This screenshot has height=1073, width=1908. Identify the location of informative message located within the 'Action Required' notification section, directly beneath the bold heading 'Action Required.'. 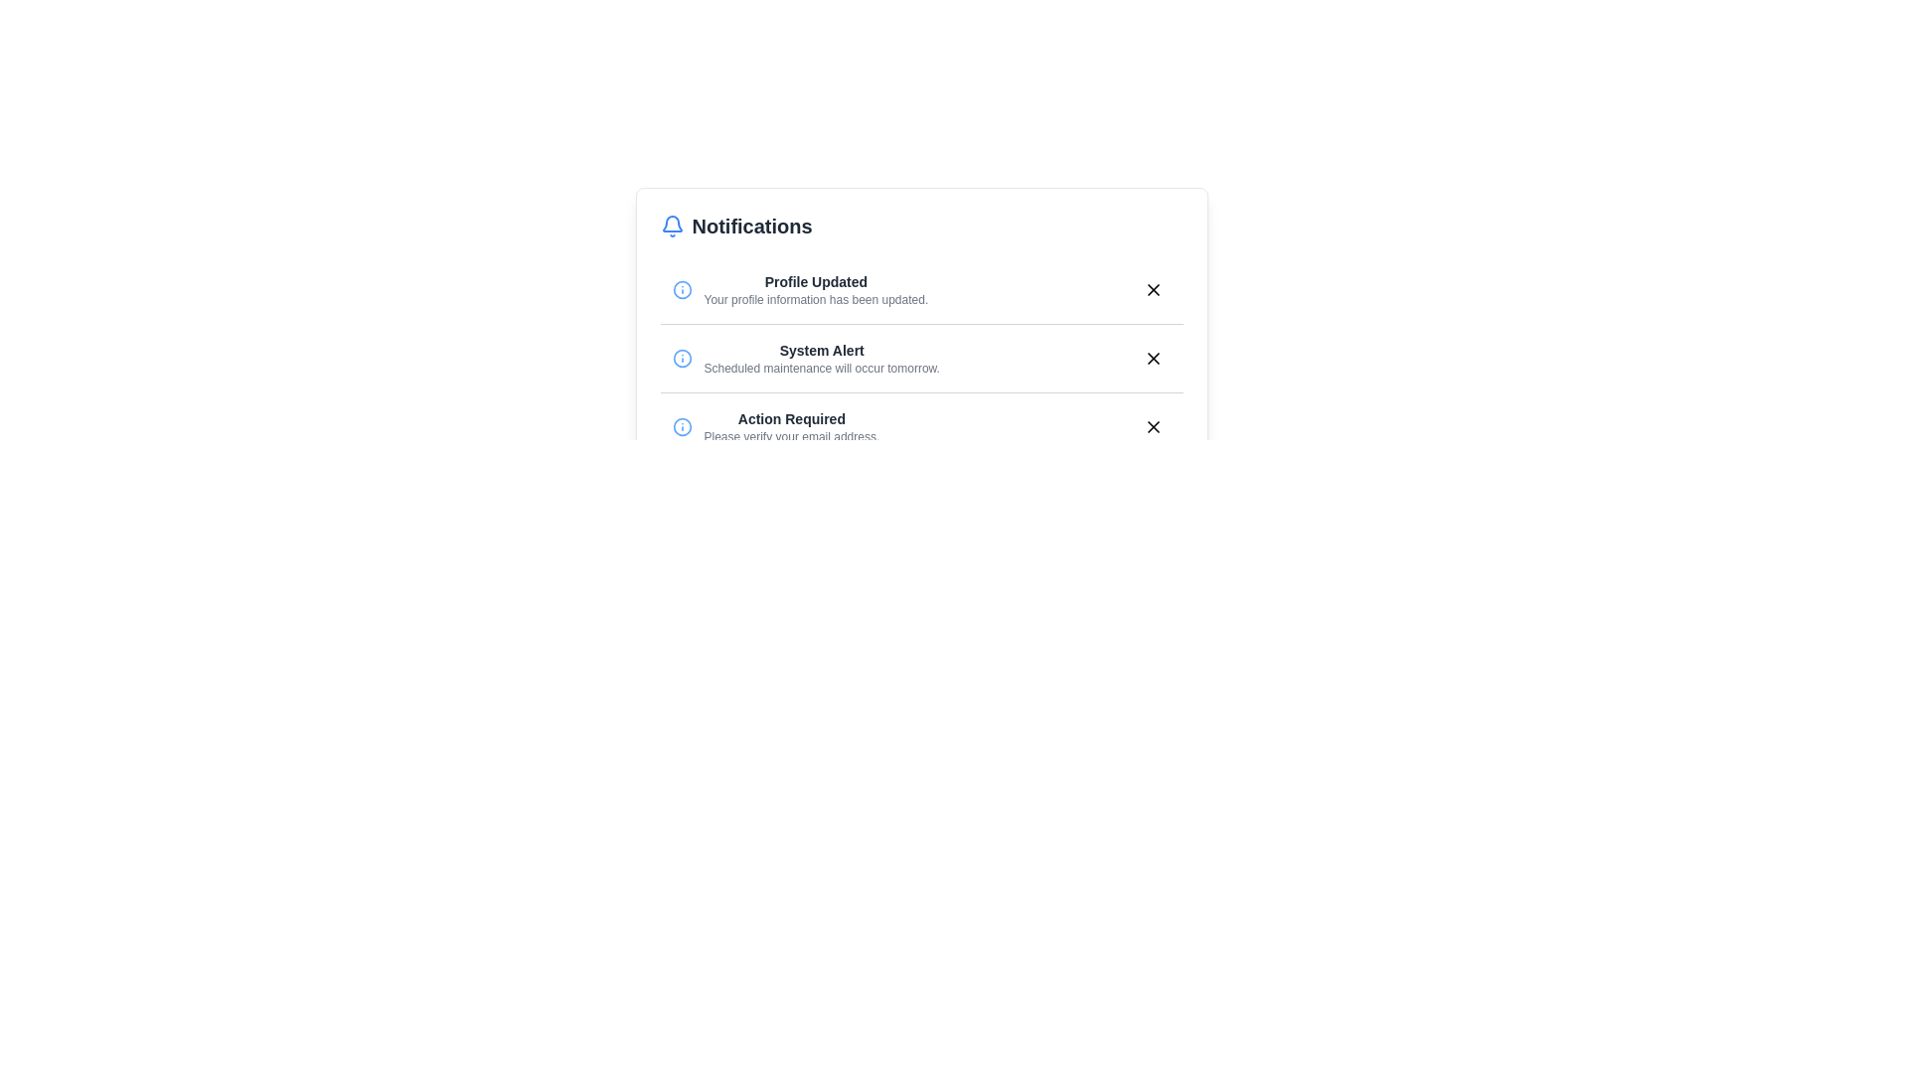
(790, 435).